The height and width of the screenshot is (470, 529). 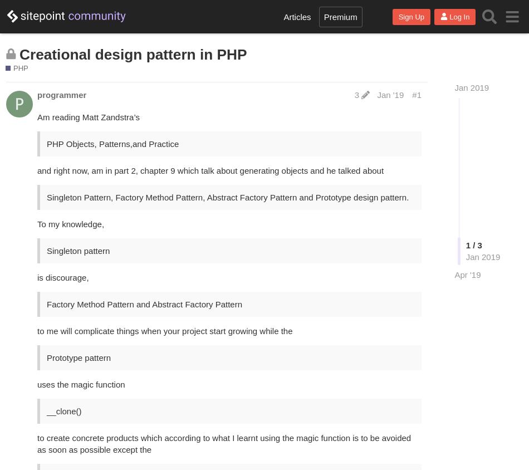 I want to click on 'Sign Up', so click(x=410, y=16).